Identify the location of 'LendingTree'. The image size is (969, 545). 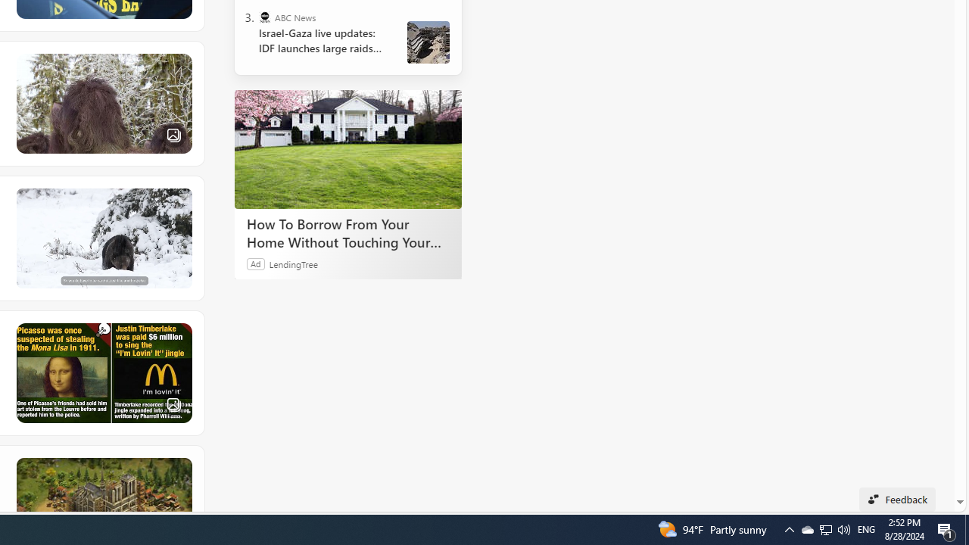
(293, 263).